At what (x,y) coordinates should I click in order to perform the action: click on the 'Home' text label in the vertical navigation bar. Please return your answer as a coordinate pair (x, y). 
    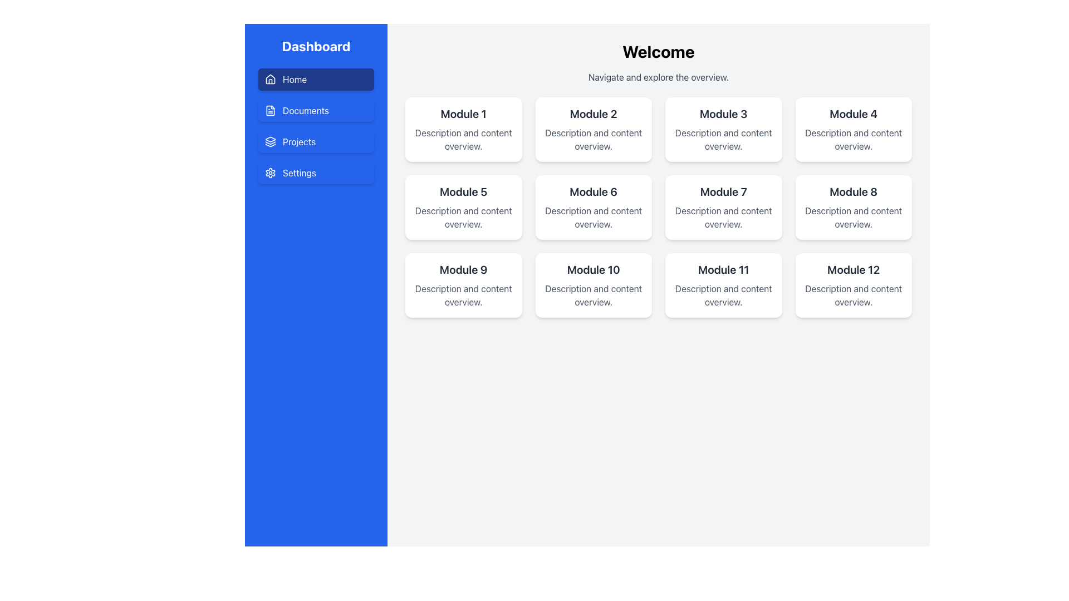
    Looking at the image, I should click on (295, 78).